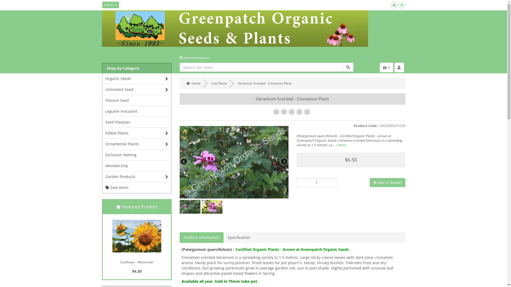 The height and width of the screenshot is (287, 511). I want to click on 'Live Plants', so click(219, 83).